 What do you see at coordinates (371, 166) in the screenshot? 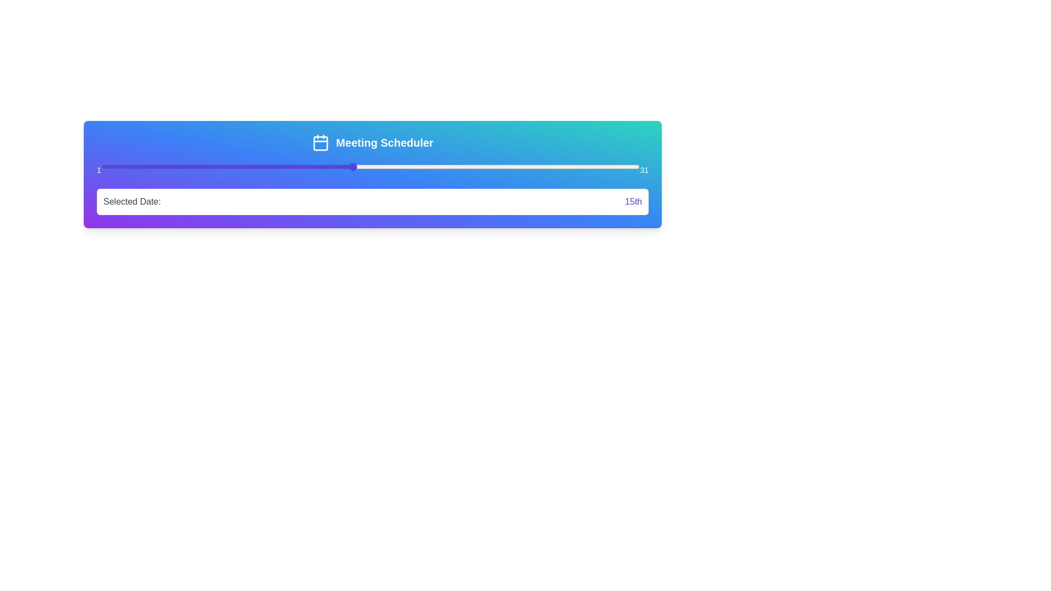
I see `the horizontal slider positioned centrally between the text labels '1' and '31' for keyboard adjustments` at bounding box center [371, 166].